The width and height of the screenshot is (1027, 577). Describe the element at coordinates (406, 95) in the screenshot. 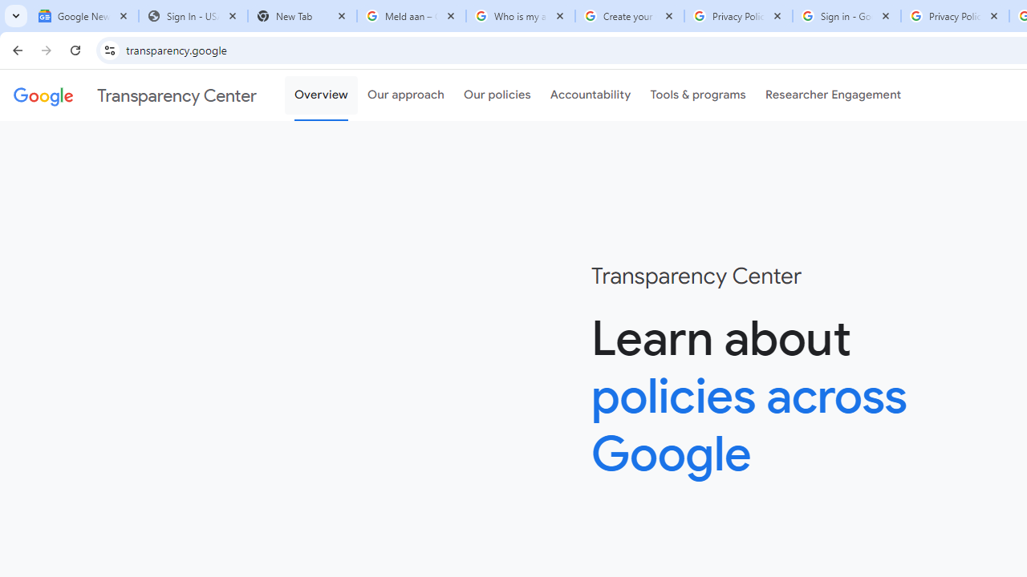

I see `'Our approach'` at that location.